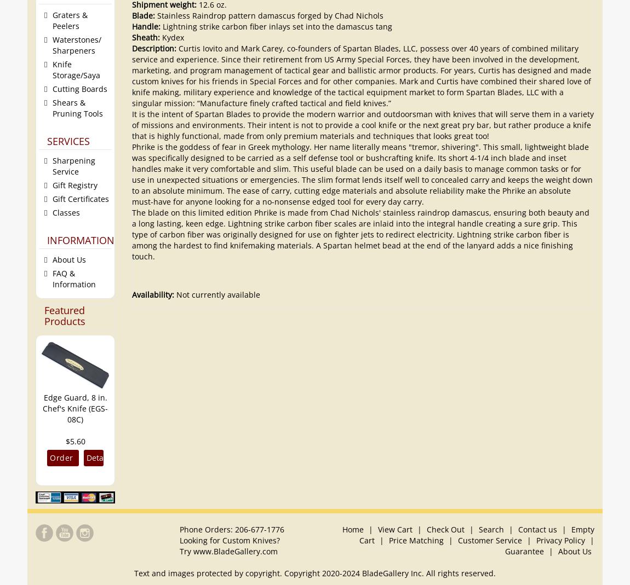 The image size is (630, 585). Describe the element at coordinates (477, 534) in the screenshot. I see `'Empty Cart'` at that location.